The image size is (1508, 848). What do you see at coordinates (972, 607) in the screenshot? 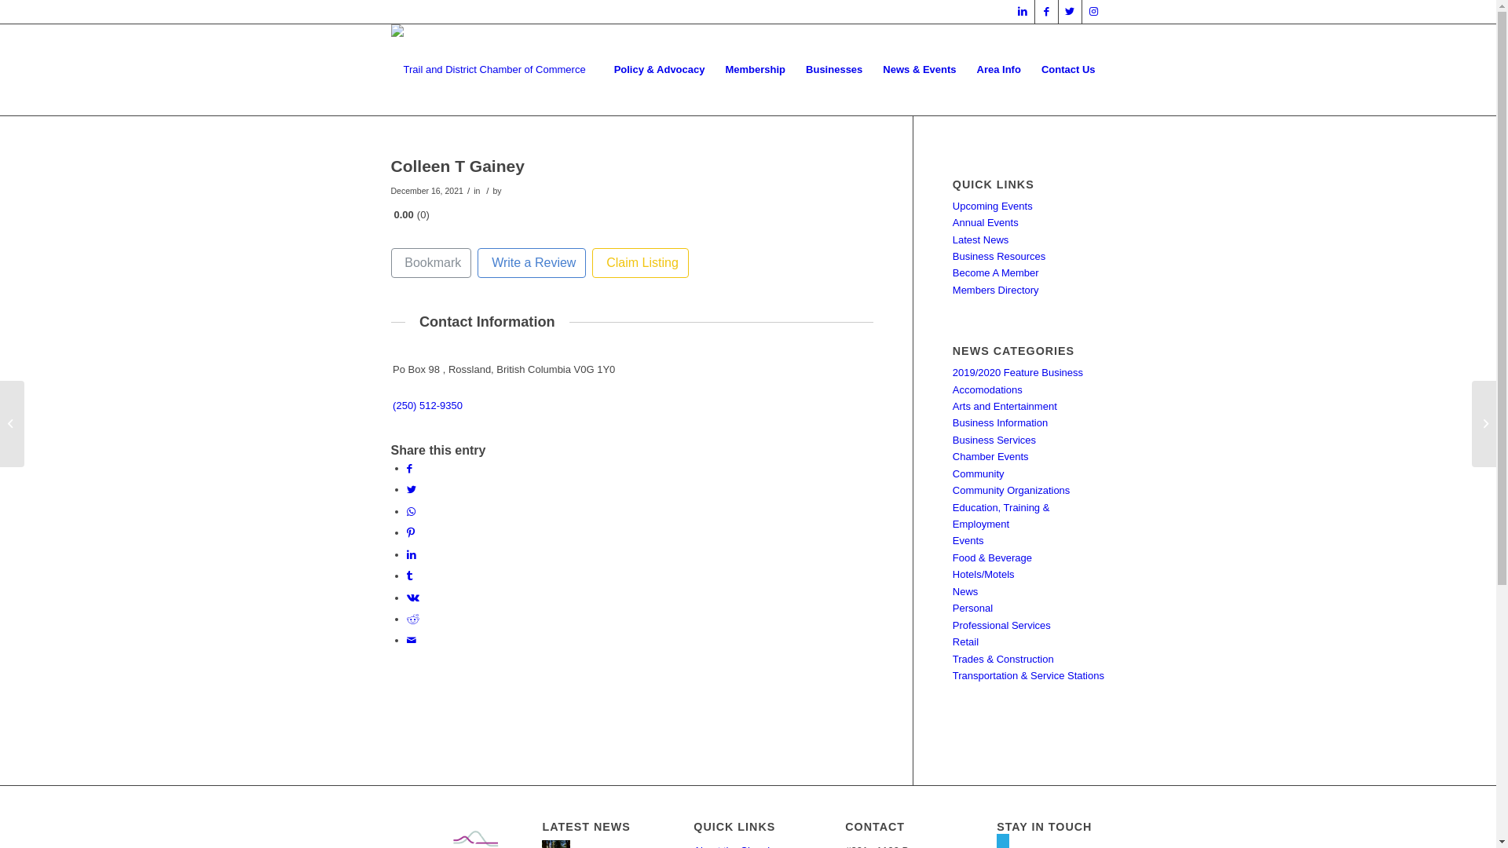
I see `'Personal'` at bounding box center [972, 607].